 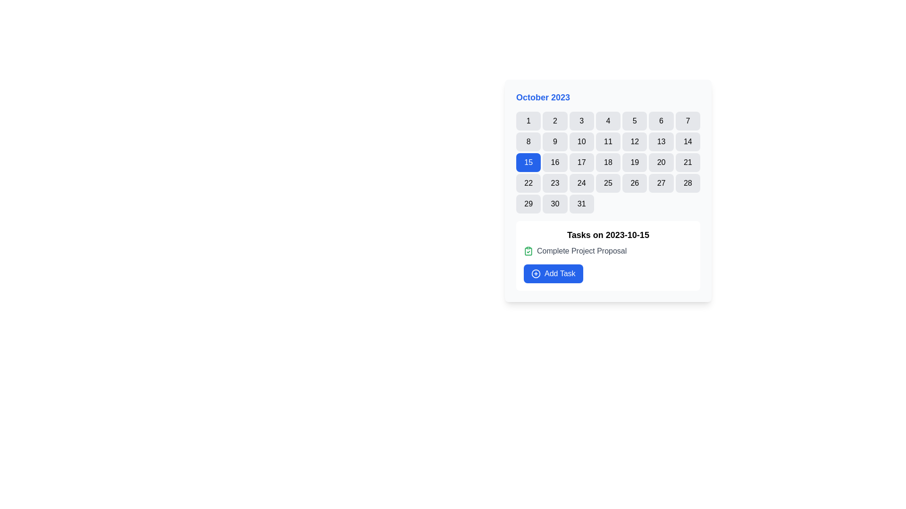 I want to click on the calendar date button representing the date '15', so click(x=528, y=162).